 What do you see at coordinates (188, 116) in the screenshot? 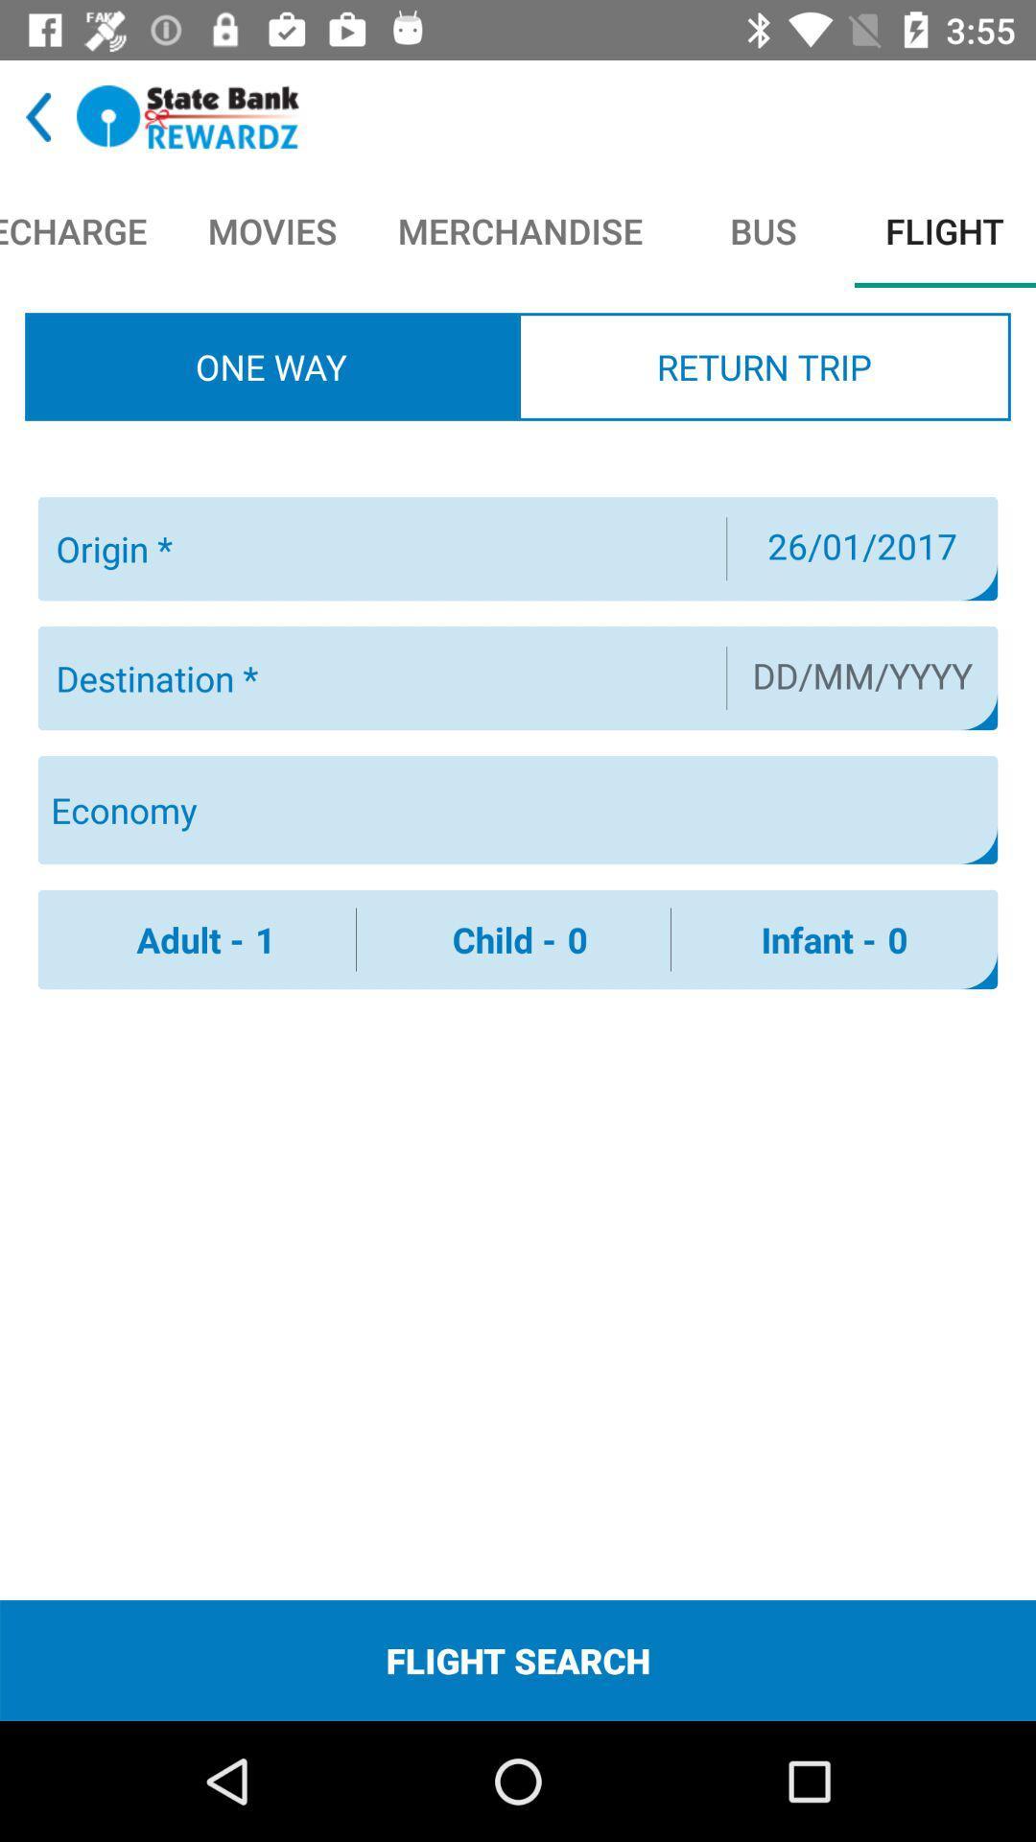
I see `click on logo` at bounding box center [188, 116].